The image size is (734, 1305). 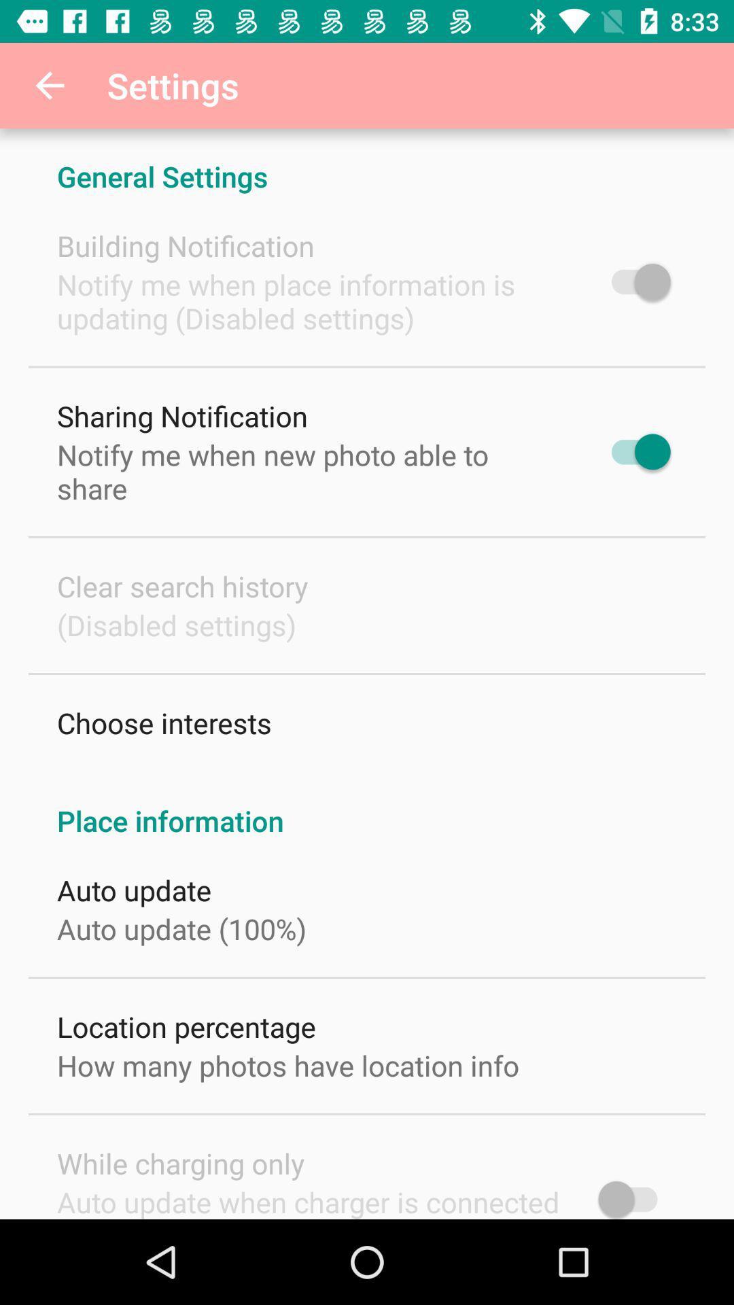 I want to click on item below the notify me when, so click(x=181, y=586).